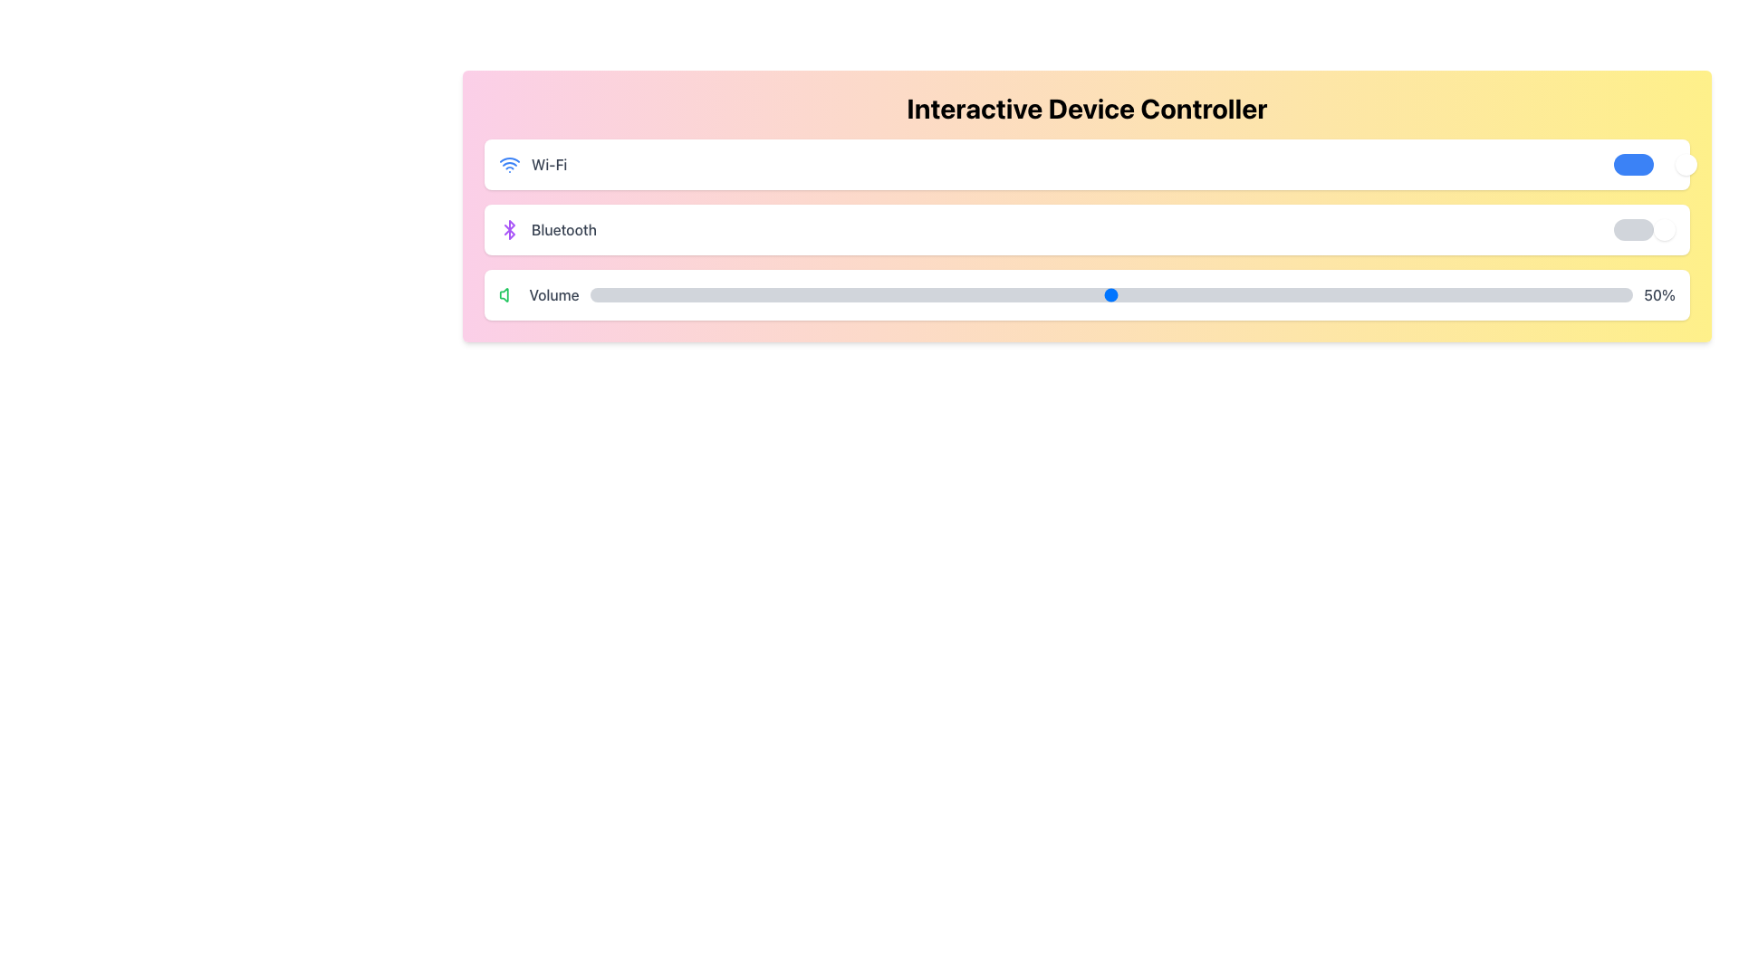 This screenshot has height=978, width=1739. Describe the element at coordinates (767, 294) in the screenshot. I see `volume` at that location.